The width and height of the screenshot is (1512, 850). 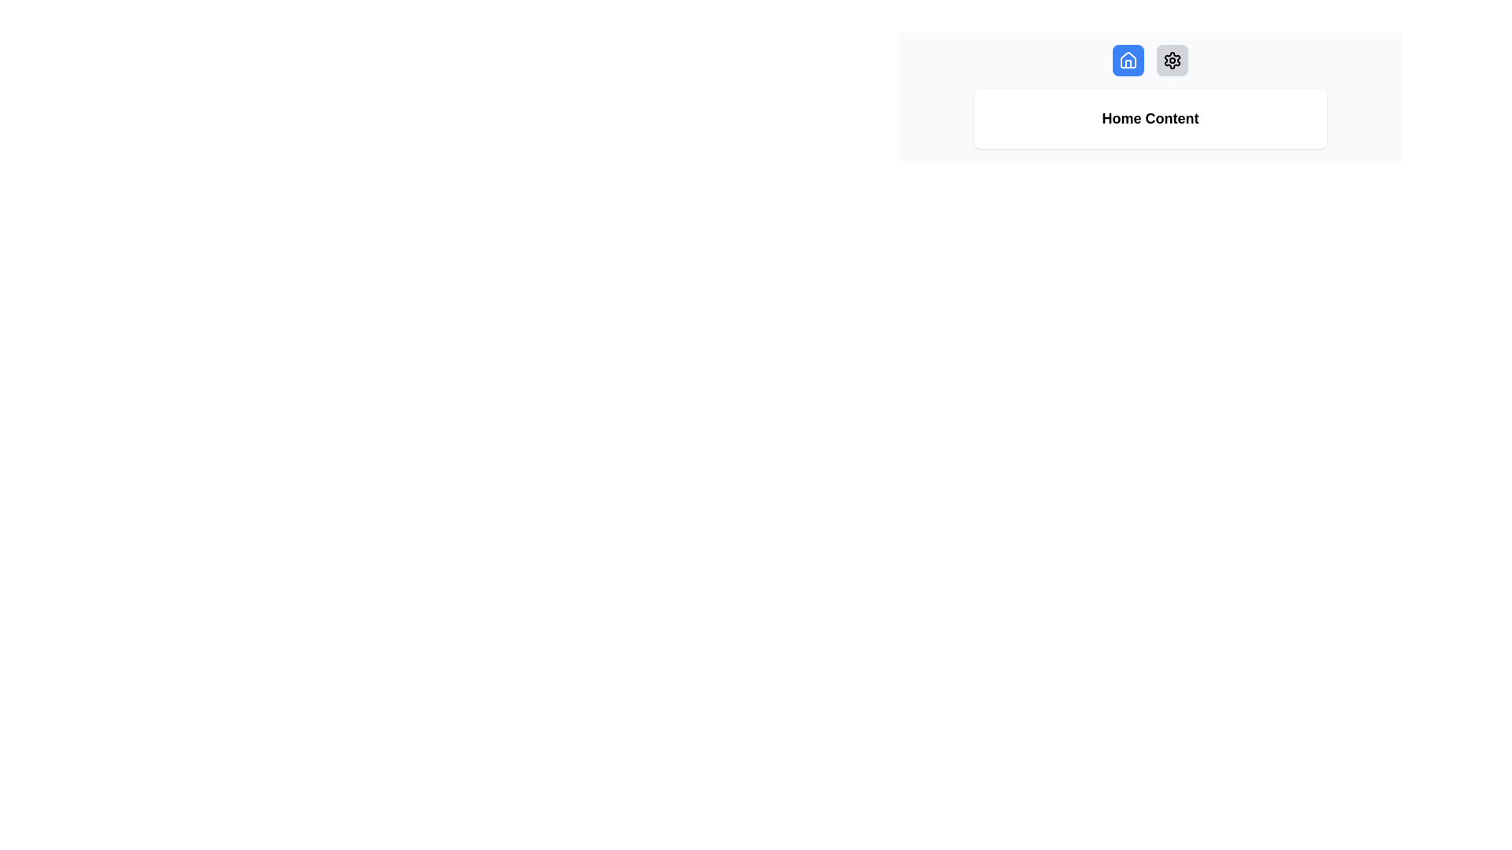 What do you see at coordinates (1128, 60) in the screenshot?
I see `the blue house icon, which has a minimalistic design with rounded features` at bounding box center [1128, 60].